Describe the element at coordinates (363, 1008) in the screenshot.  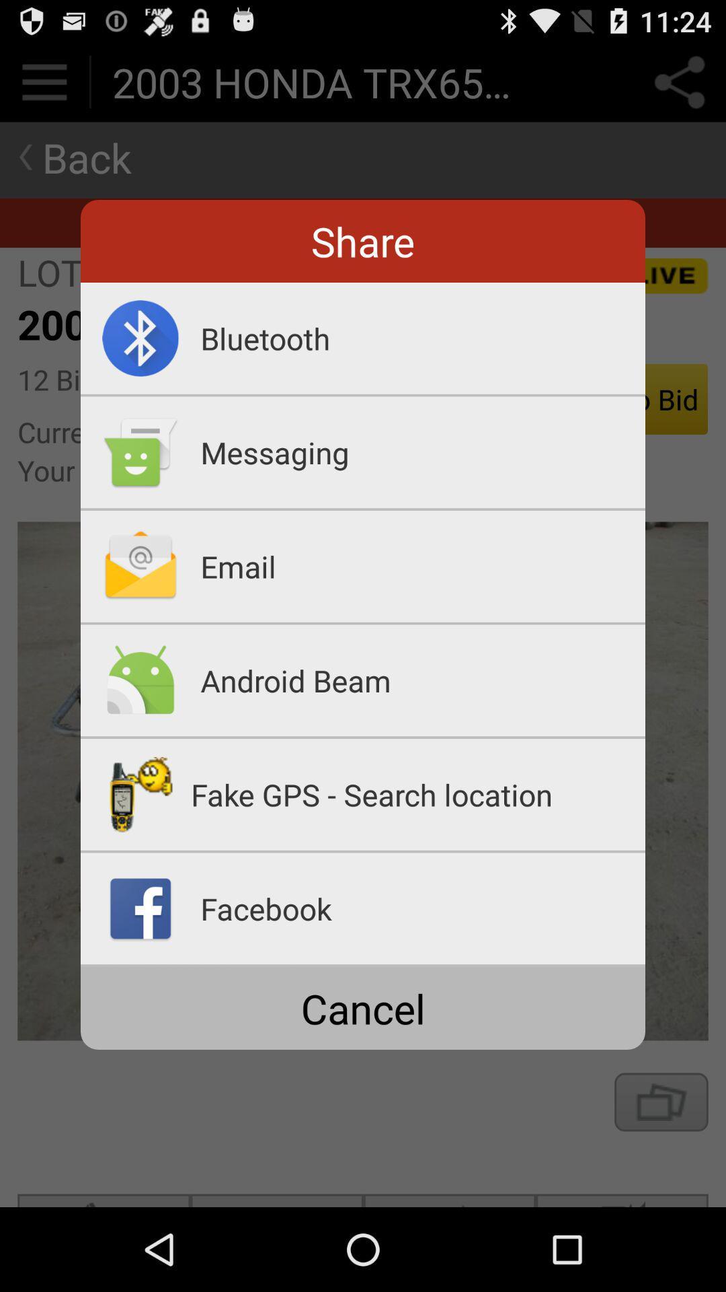
I see `the cancel icon` at that location.